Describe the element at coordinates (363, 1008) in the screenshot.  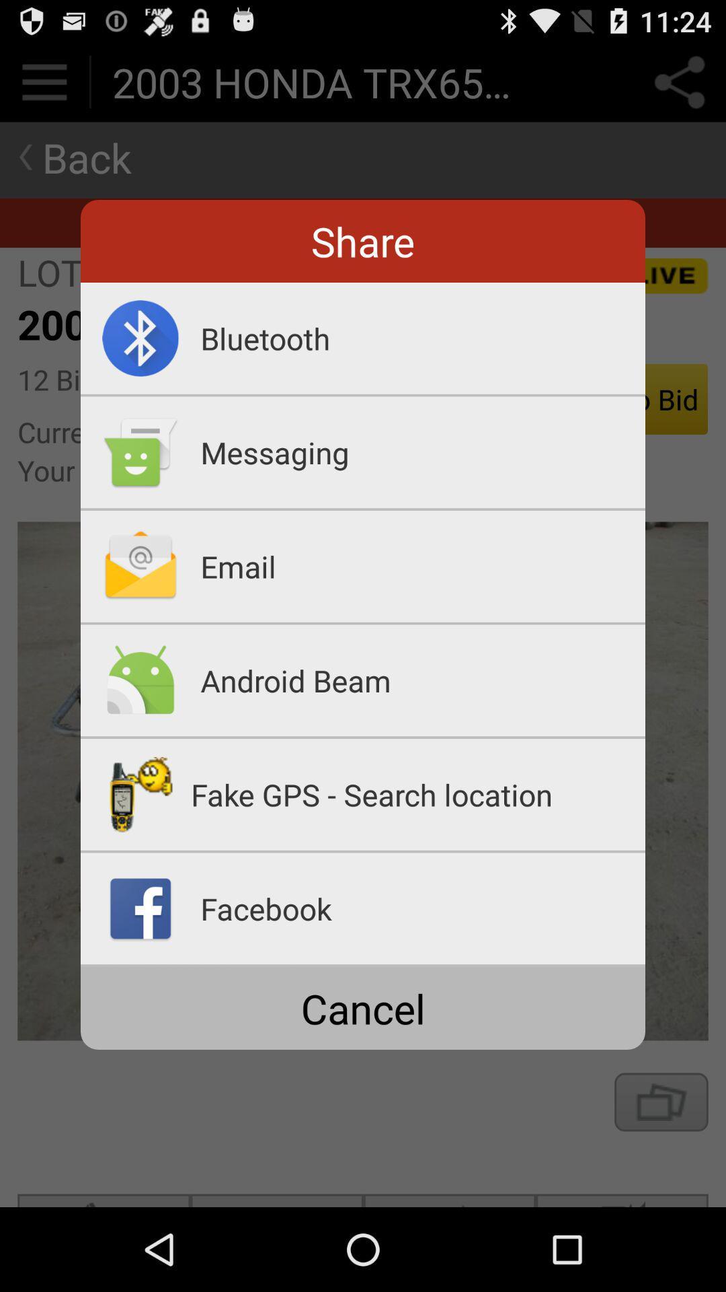
I see `the cancel icon` at that location.